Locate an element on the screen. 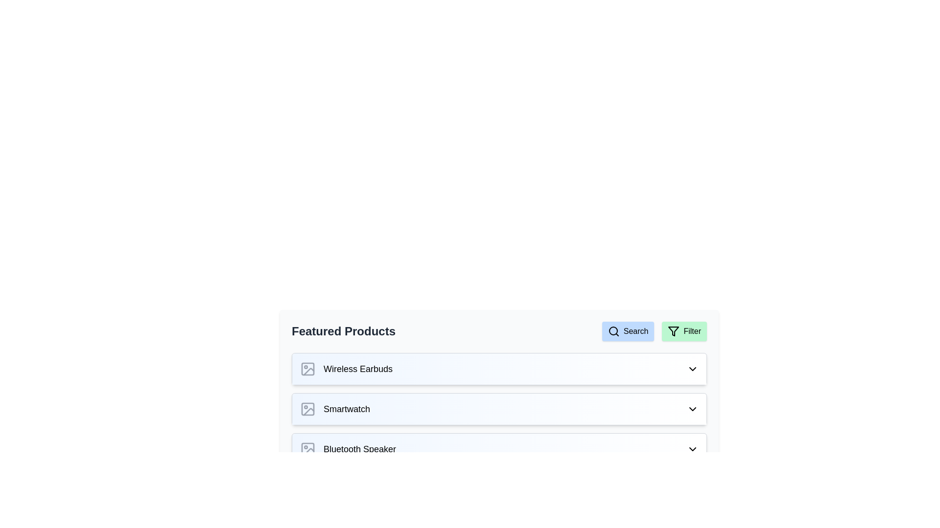 This screenshot has height=528, width=940. the filter button located immediately to the right of the blue 'Search' button is located at coordinates (684, 331).